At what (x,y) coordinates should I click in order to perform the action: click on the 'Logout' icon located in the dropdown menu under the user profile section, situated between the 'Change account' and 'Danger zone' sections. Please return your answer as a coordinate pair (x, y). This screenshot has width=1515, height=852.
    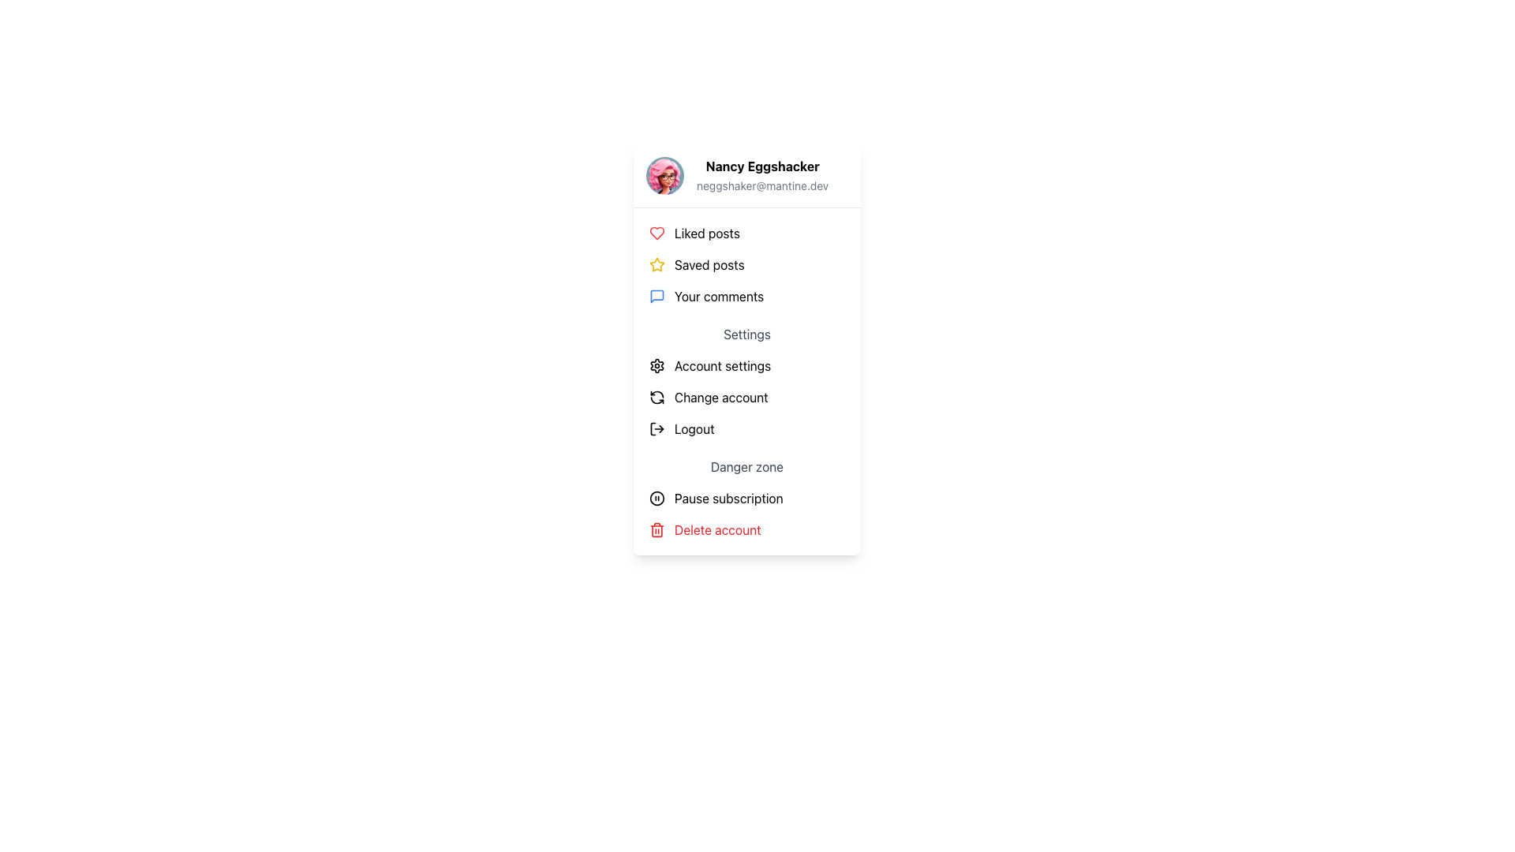
    Looking at the image, I should click on (657, 428).